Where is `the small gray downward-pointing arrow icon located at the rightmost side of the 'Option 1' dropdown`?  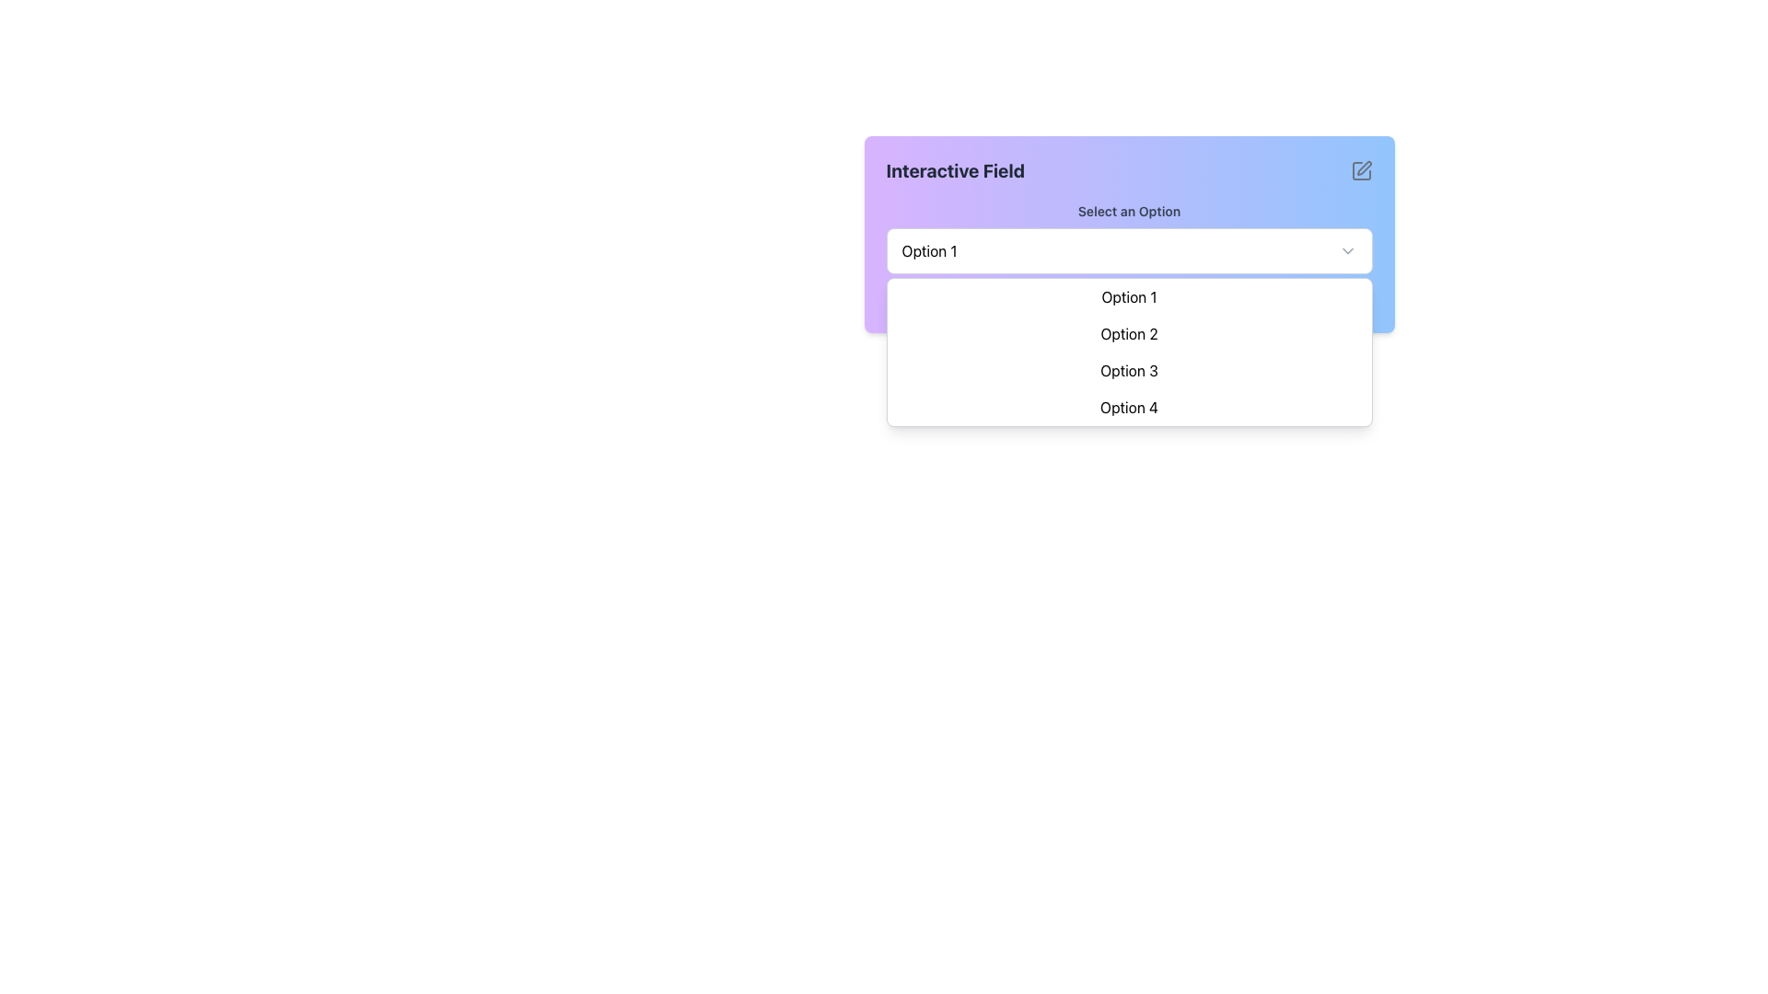 the small gray downward-pointing arrow icon located at the rightmost side of the 'Option 1' dropdown is located at coordinates (1347, 251).